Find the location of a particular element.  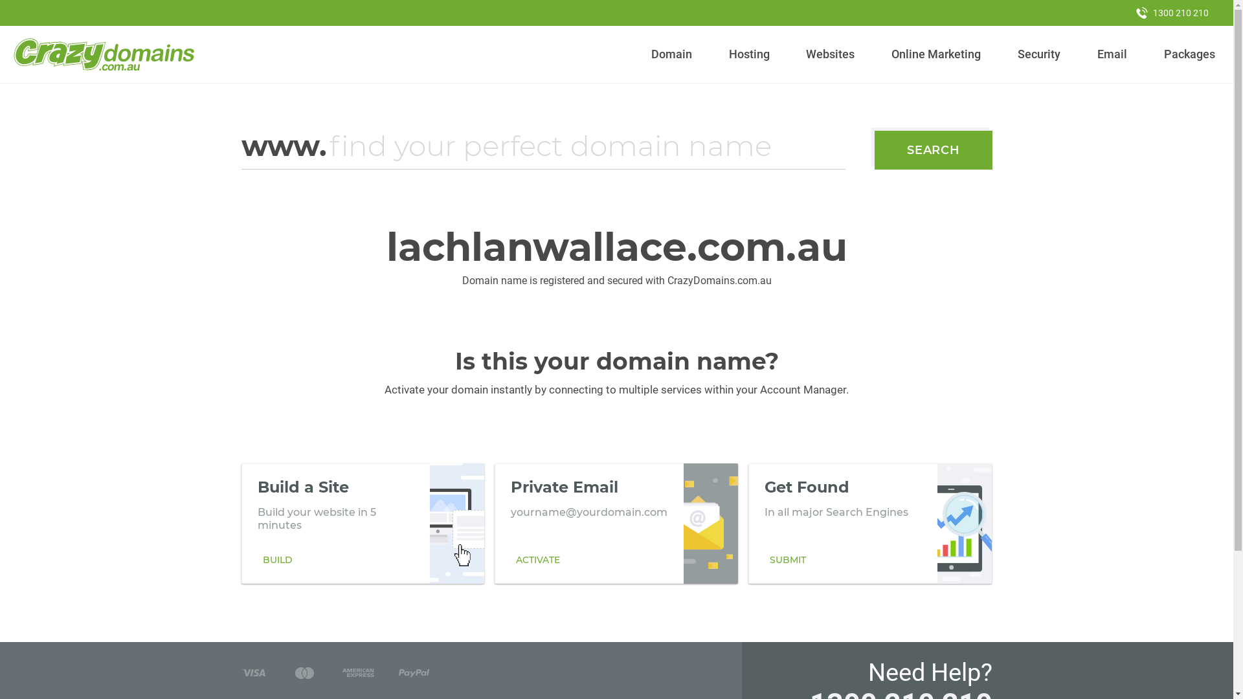

'Domain' is located at coordinates (671, 54).